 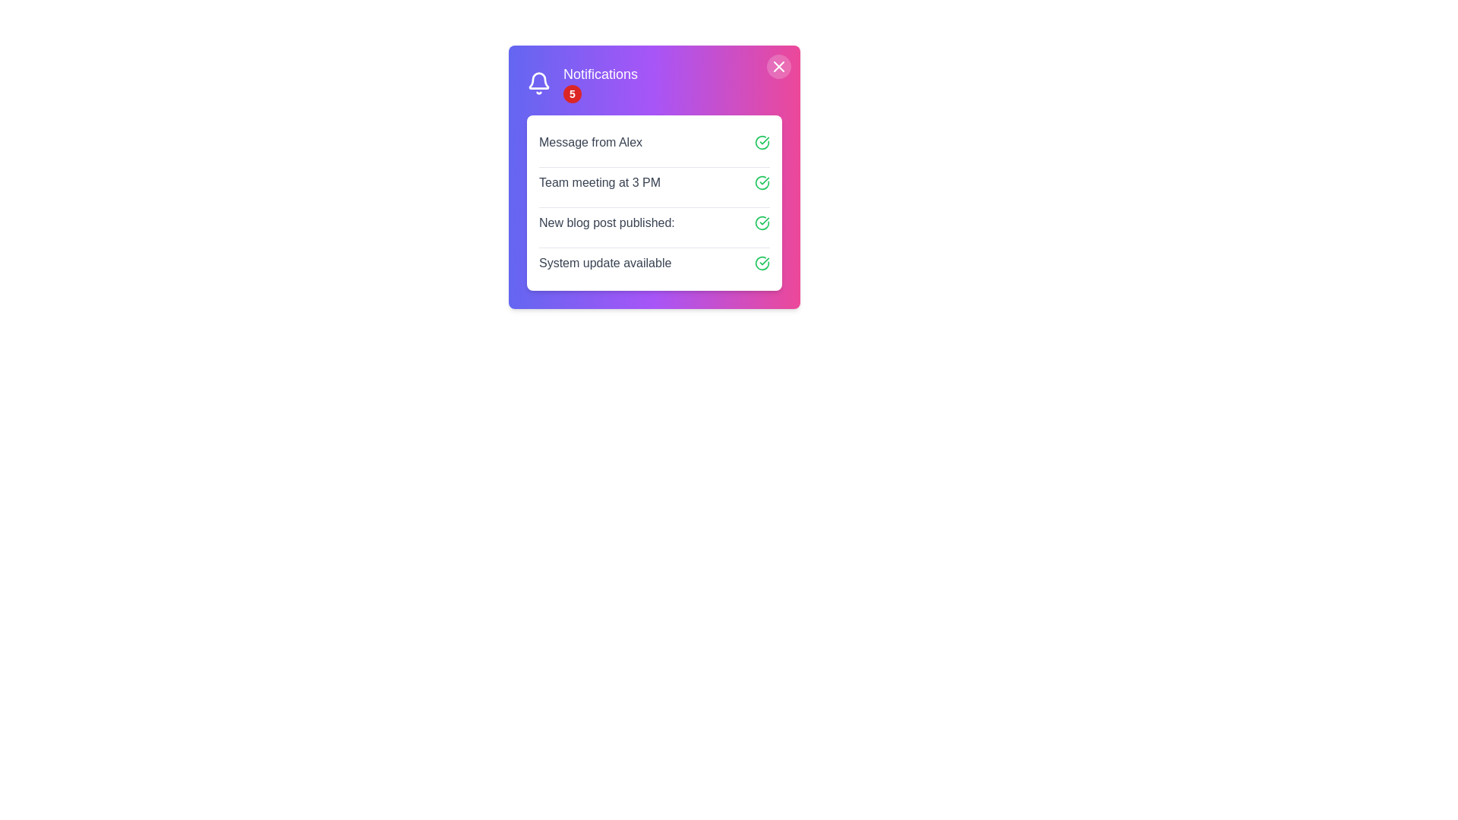 What do you see at coordinates (762, 263) in the screenshot?
I see `the status representation of the icon that indicates 'System update available' on the far-right side of the notification row` at bounding box center [762, 263].